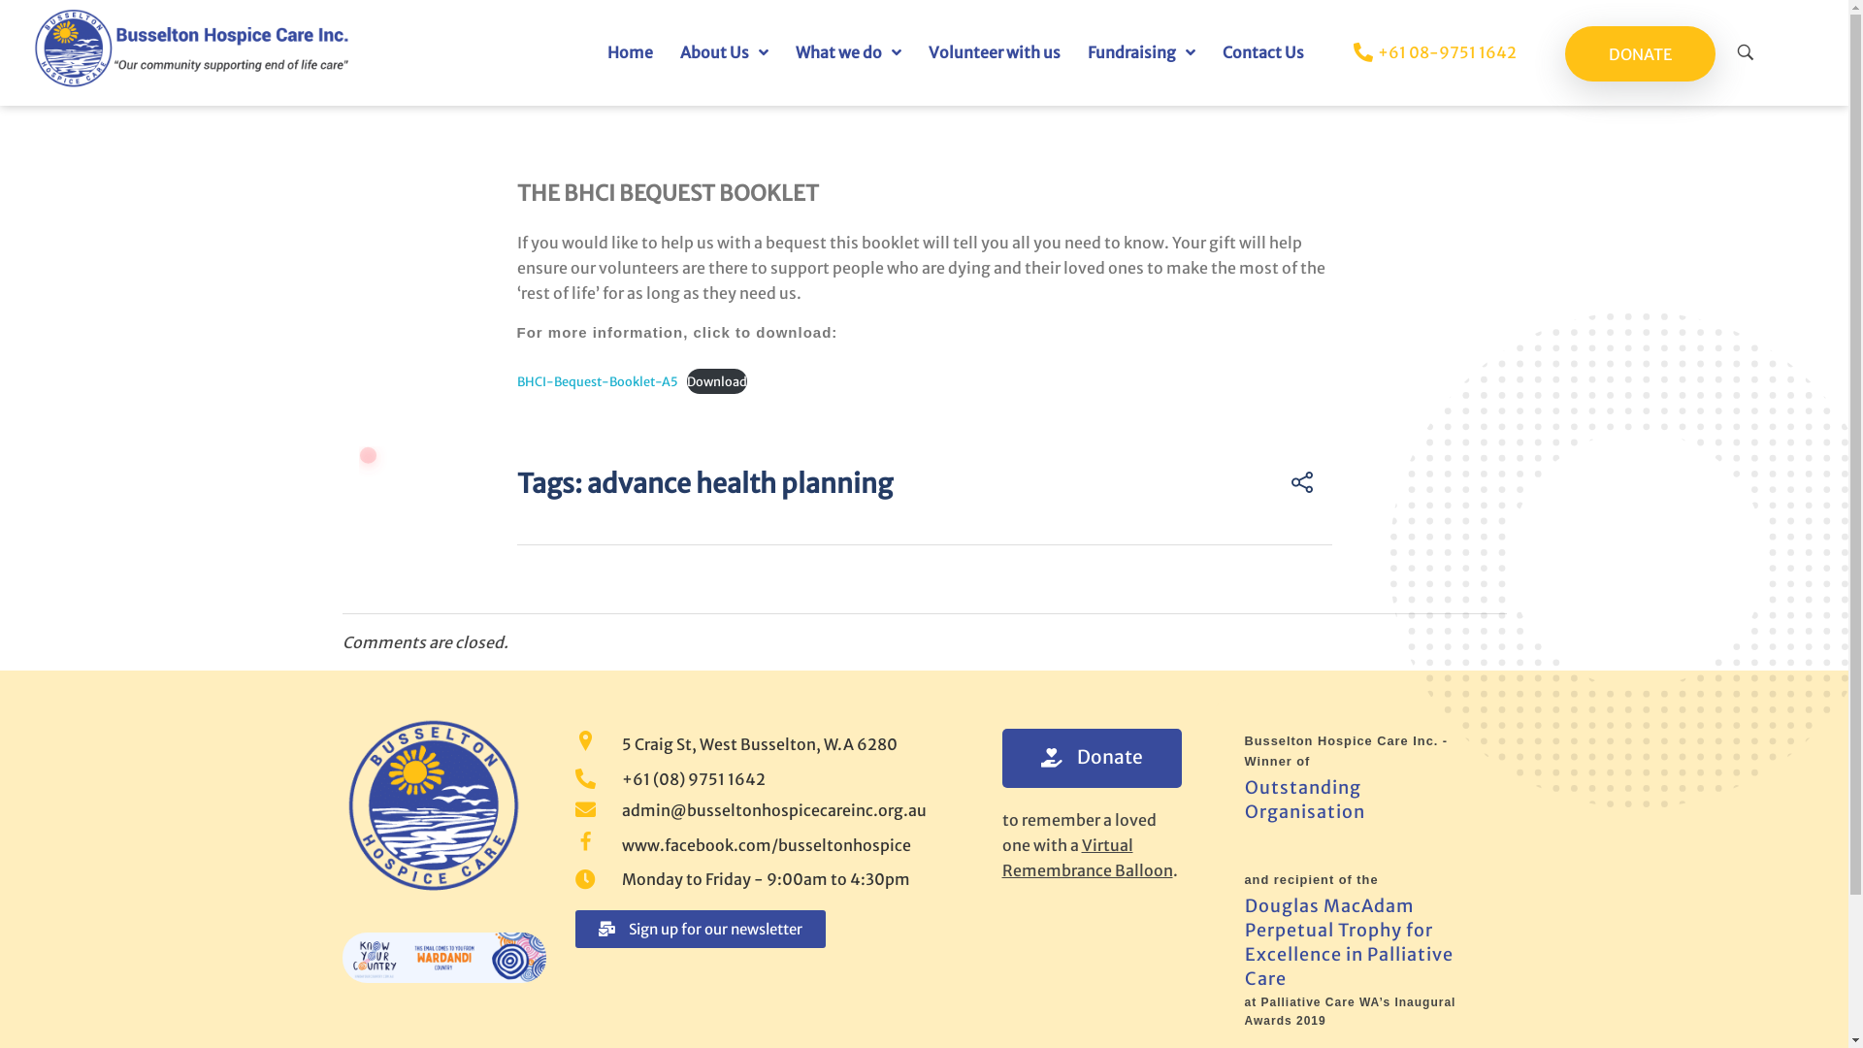  I want to click on '+61 08-9751 1642', so click(1417, 51).